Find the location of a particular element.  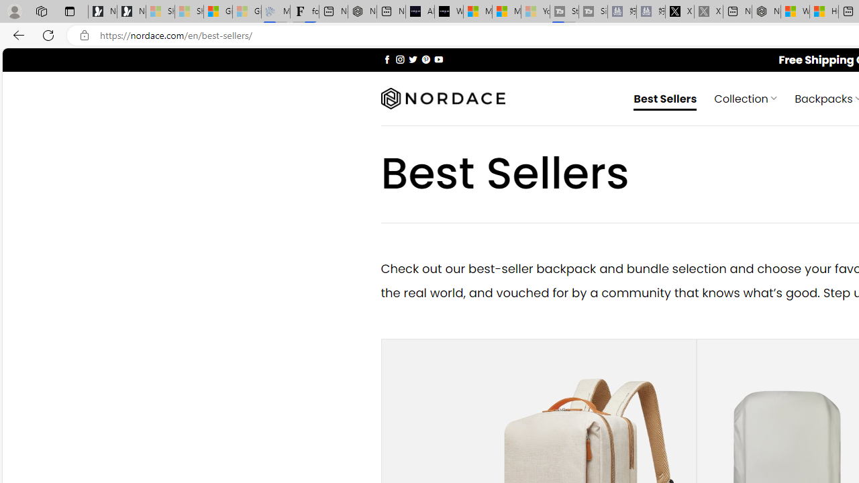

'Nordace - #1 Japanese Best-Seller - Siena Smart Backpack' is located at coordinates (362, 11).